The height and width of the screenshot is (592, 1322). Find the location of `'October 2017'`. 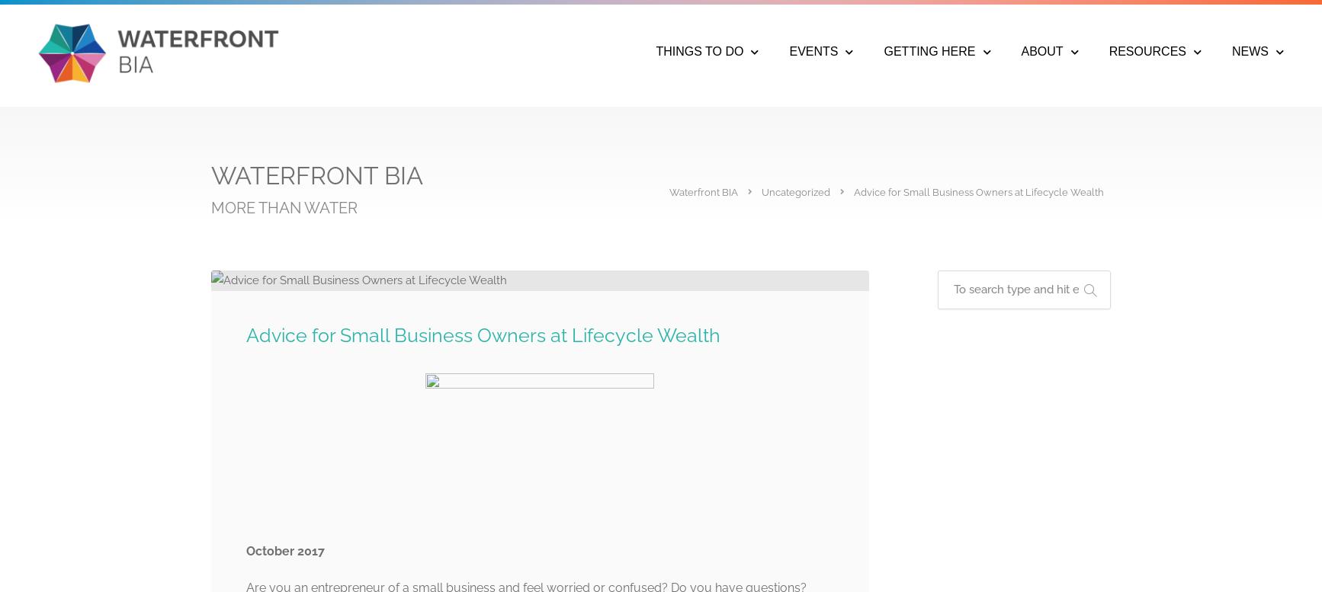

'October 2017' is located at coordinates (285, 550).